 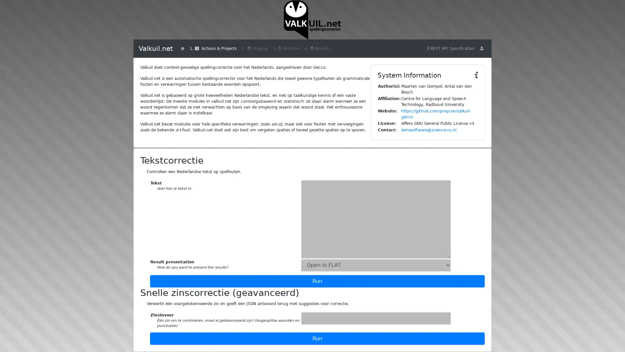 I want to click on Run, so click(x=317, y=338).